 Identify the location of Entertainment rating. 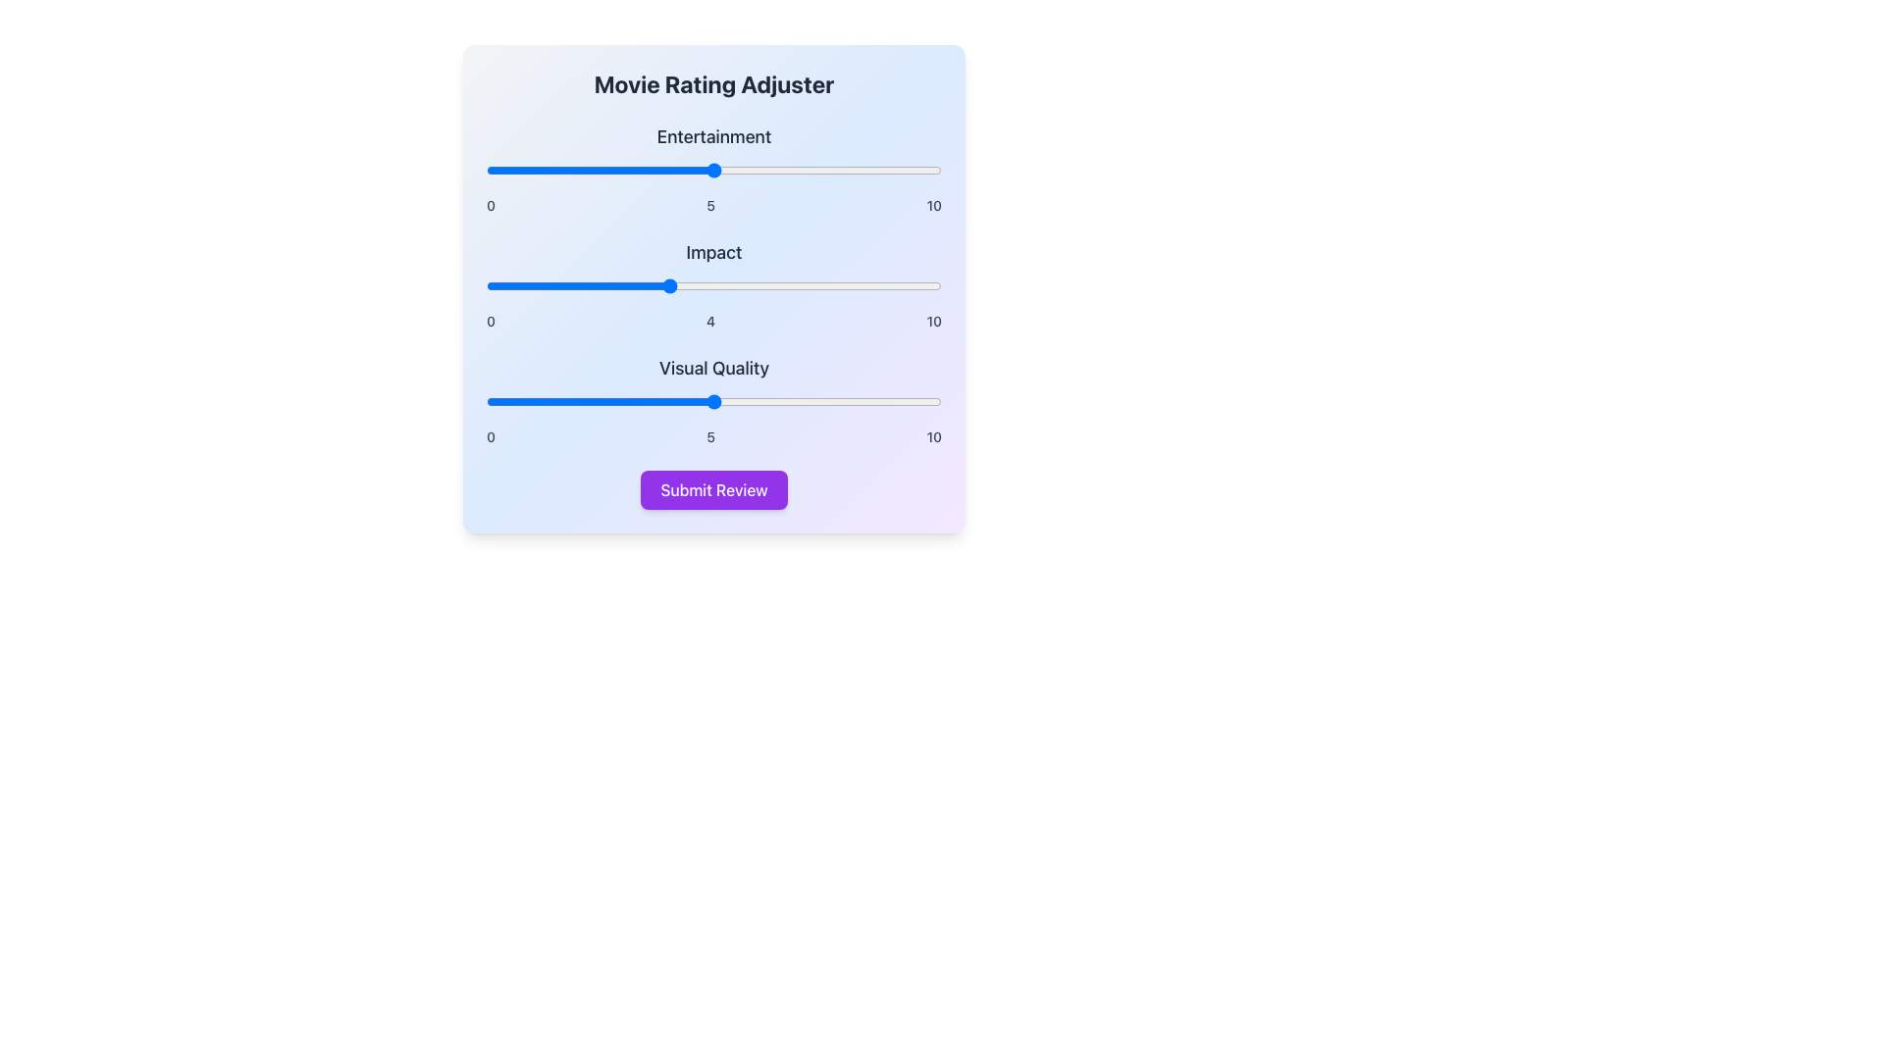
(713, 169).